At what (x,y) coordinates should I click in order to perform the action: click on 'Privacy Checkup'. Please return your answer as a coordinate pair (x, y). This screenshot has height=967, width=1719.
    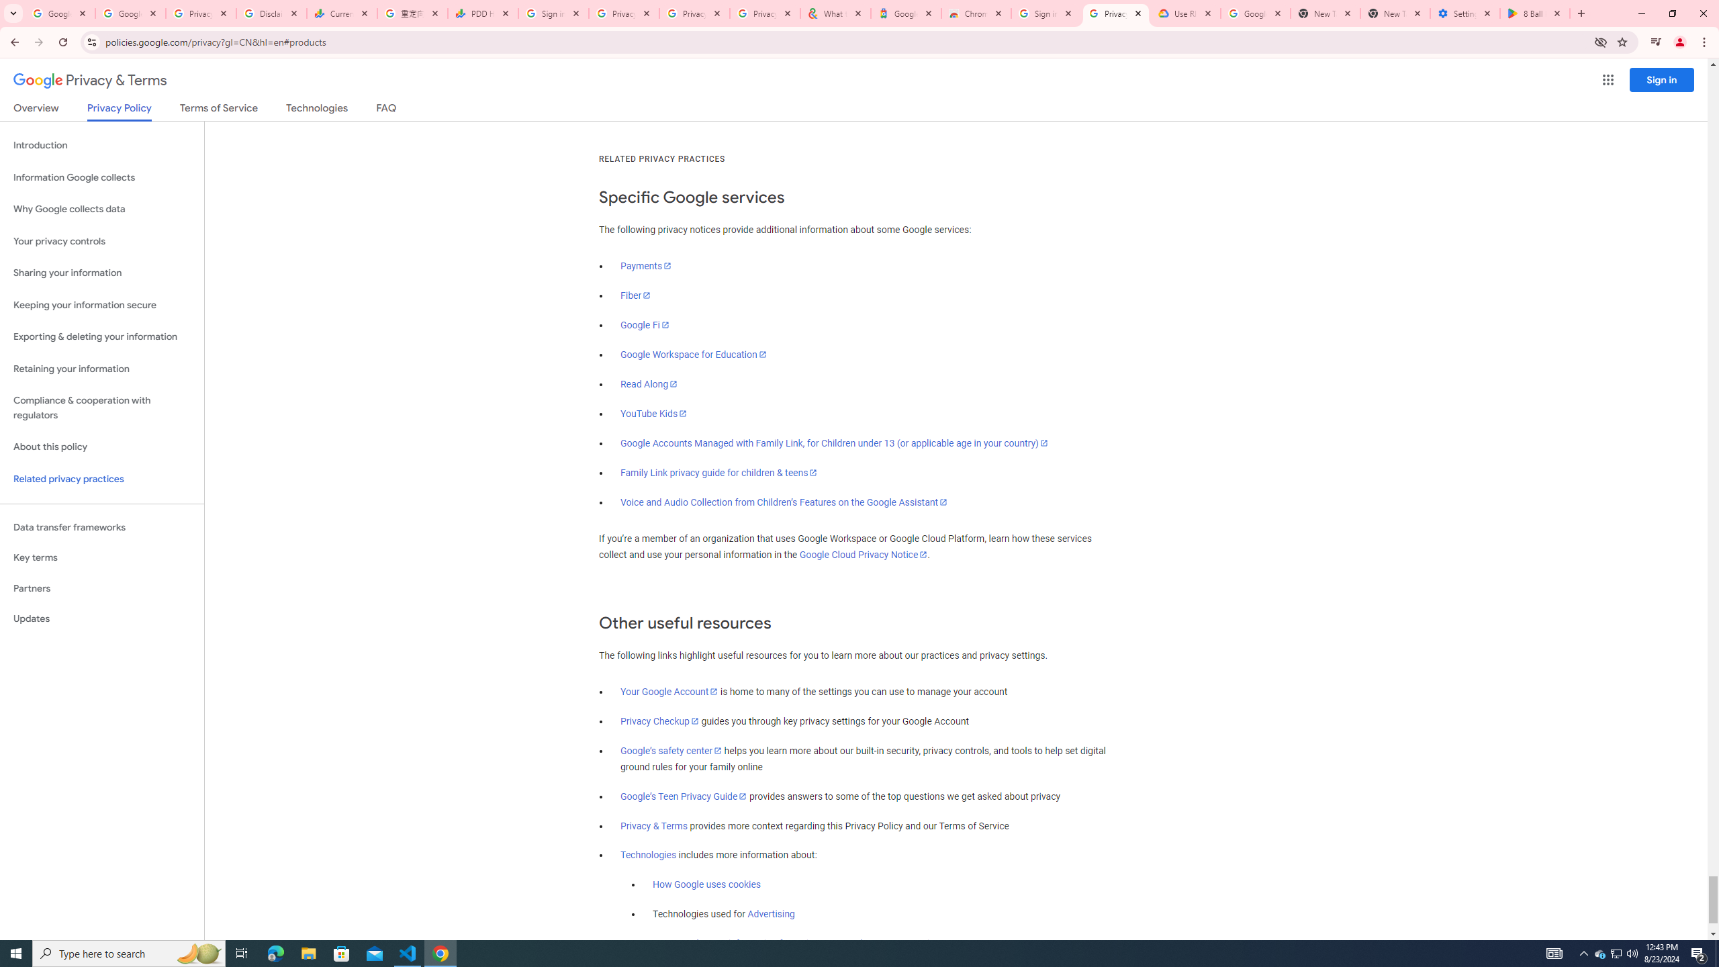
    Looking at the image, I should click on (659, 721).